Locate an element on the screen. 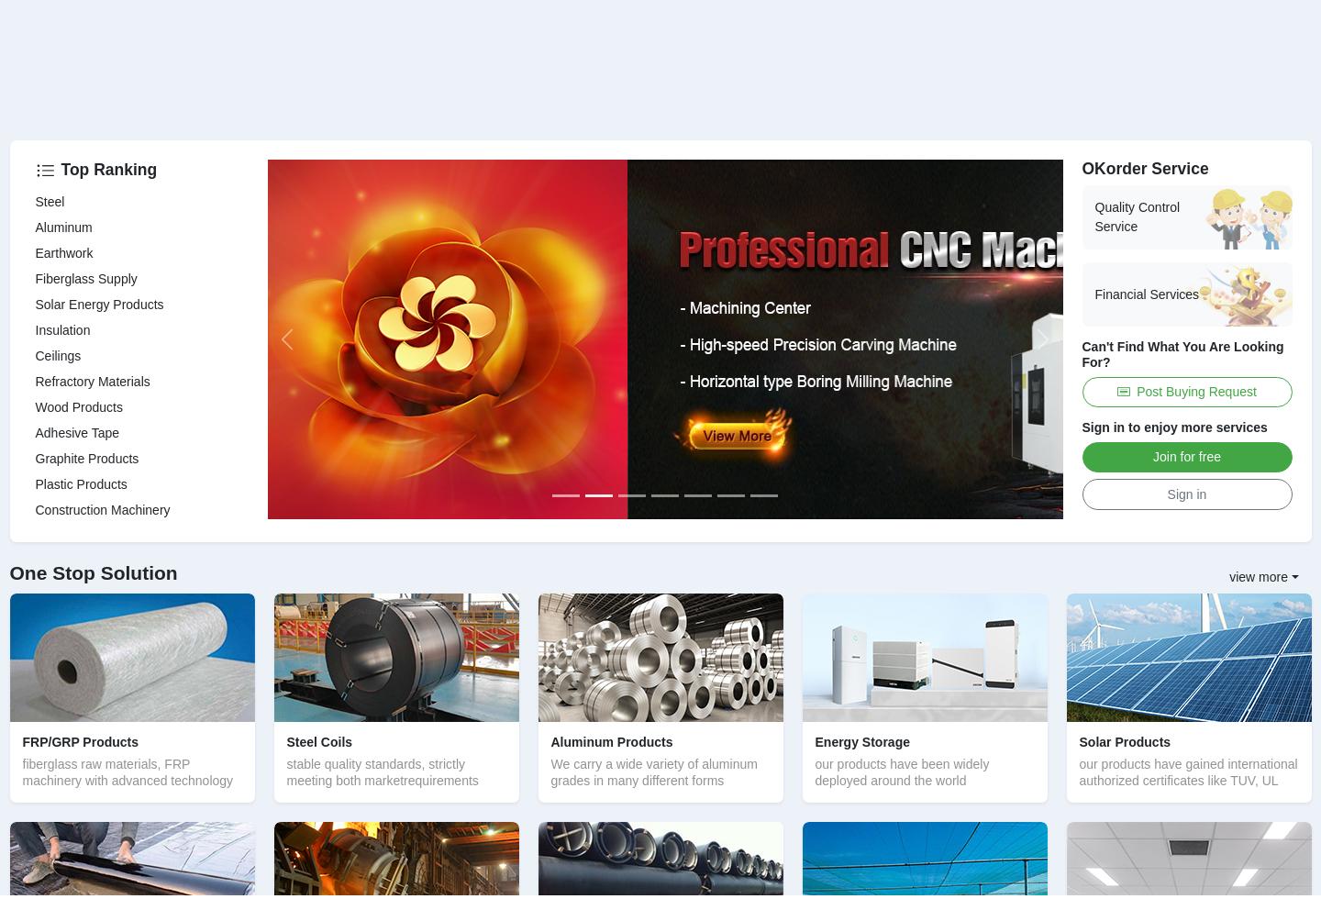 The width and height of the screenshot is (1321, 910). 'Metallurgic, Cement production, Power station, Refinery, Glass, etc' is located at coordinates (383, 104).